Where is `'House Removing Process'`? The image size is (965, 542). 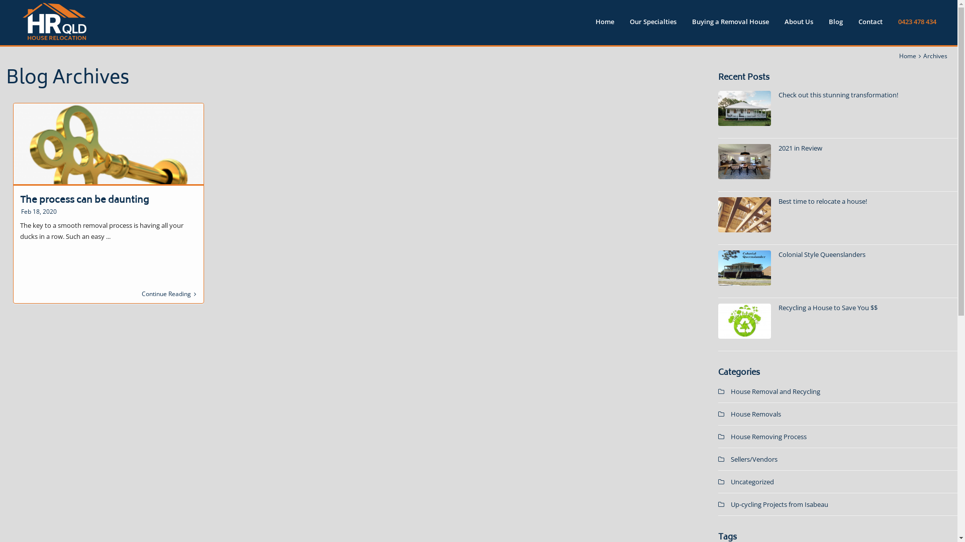
'House Removing Process' is located at coordinates (768, 436).